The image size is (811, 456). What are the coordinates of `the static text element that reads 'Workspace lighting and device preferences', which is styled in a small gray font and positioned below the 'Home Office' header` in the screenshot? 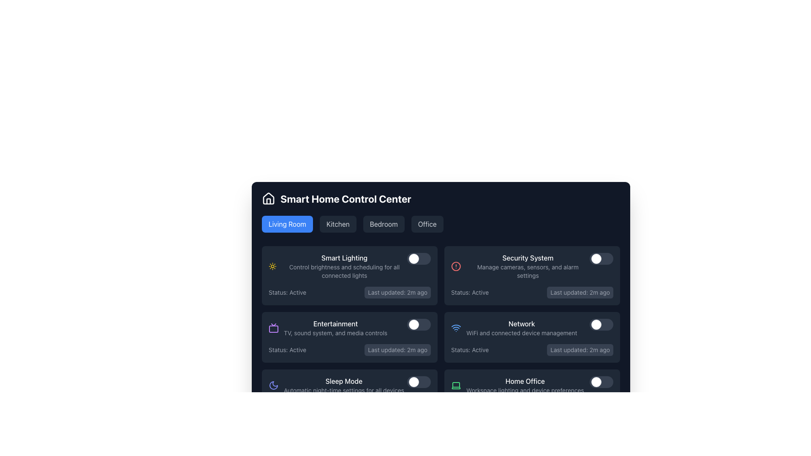 It's located at (525, 391).